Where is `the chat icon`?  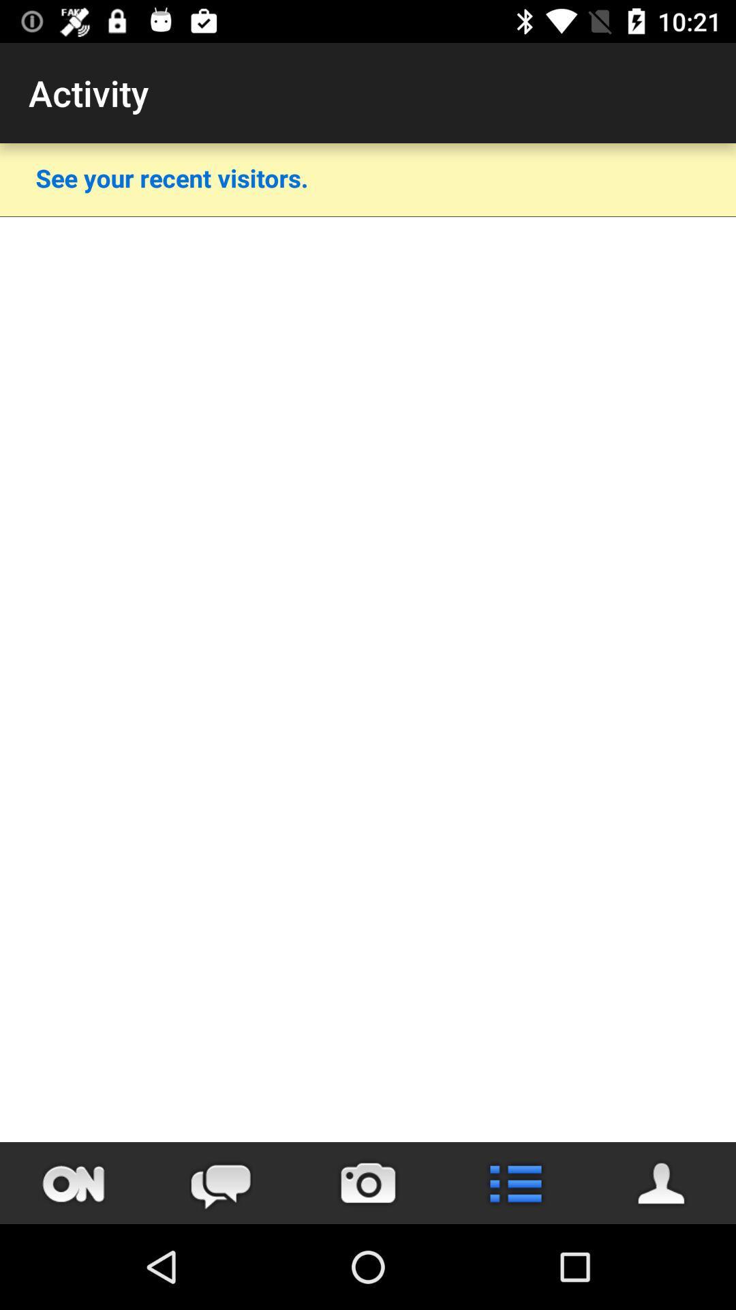 the chat icon is located at coordinates (220, 1182).